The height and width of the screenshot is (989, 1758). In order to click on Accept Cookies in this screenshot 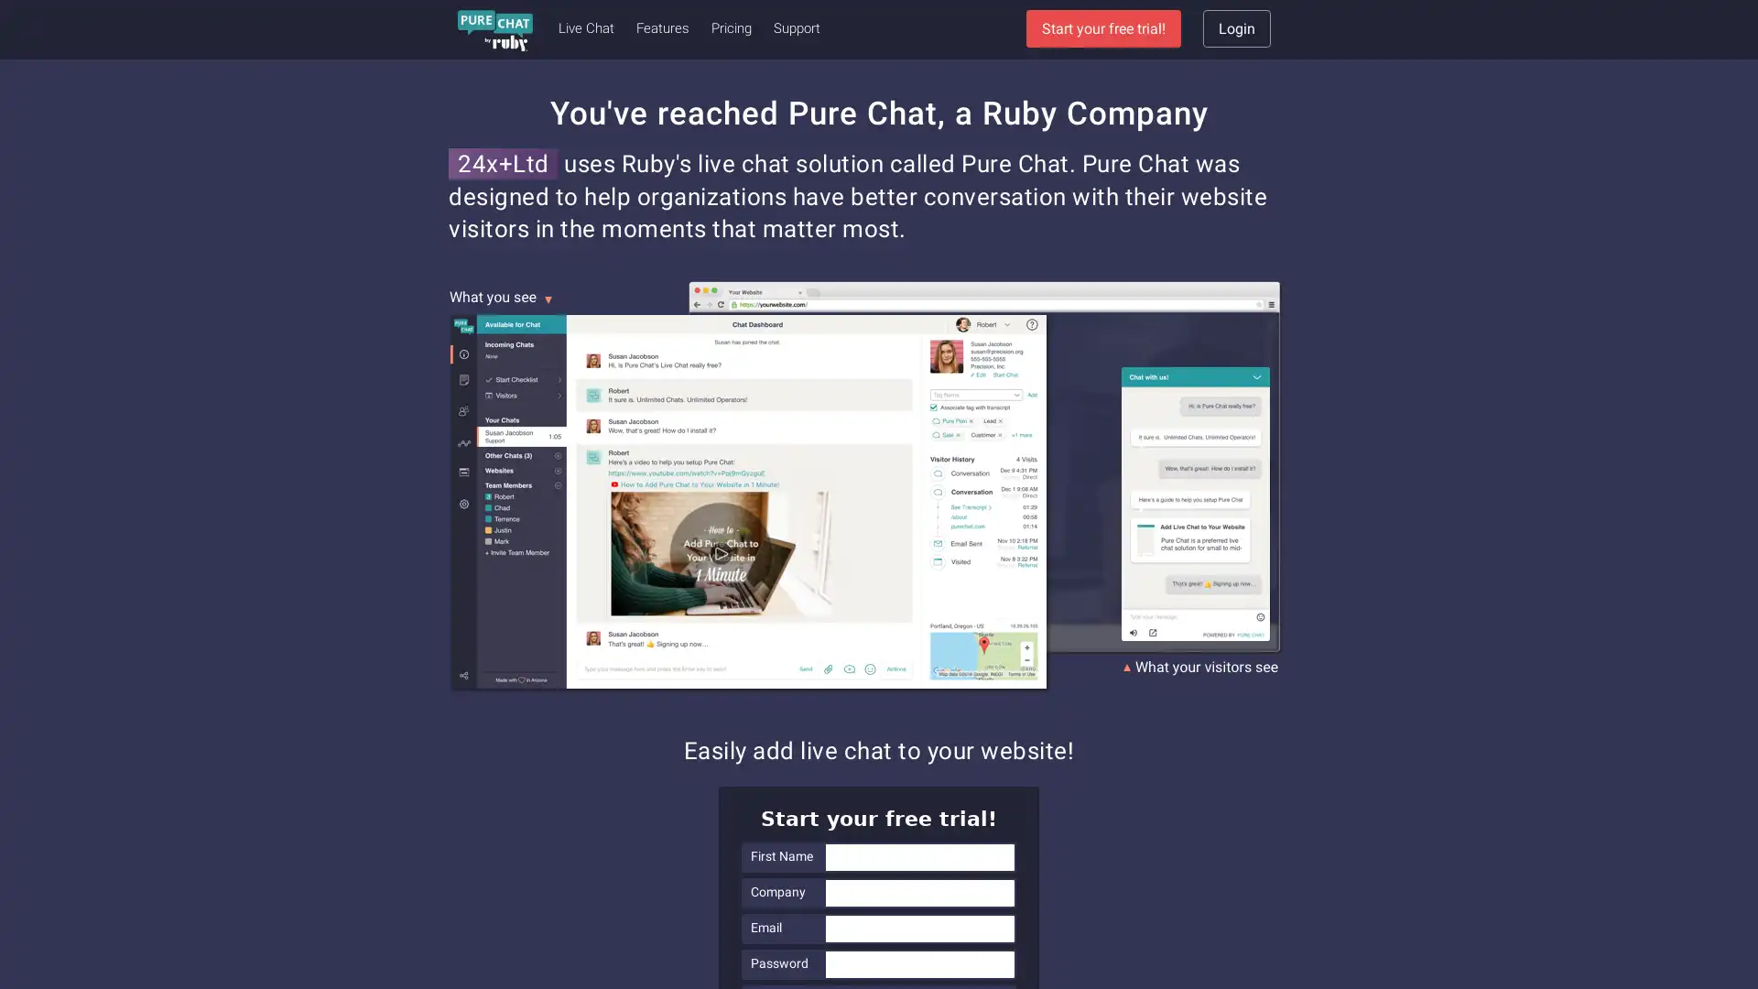, I will do `click(608, 867)`.